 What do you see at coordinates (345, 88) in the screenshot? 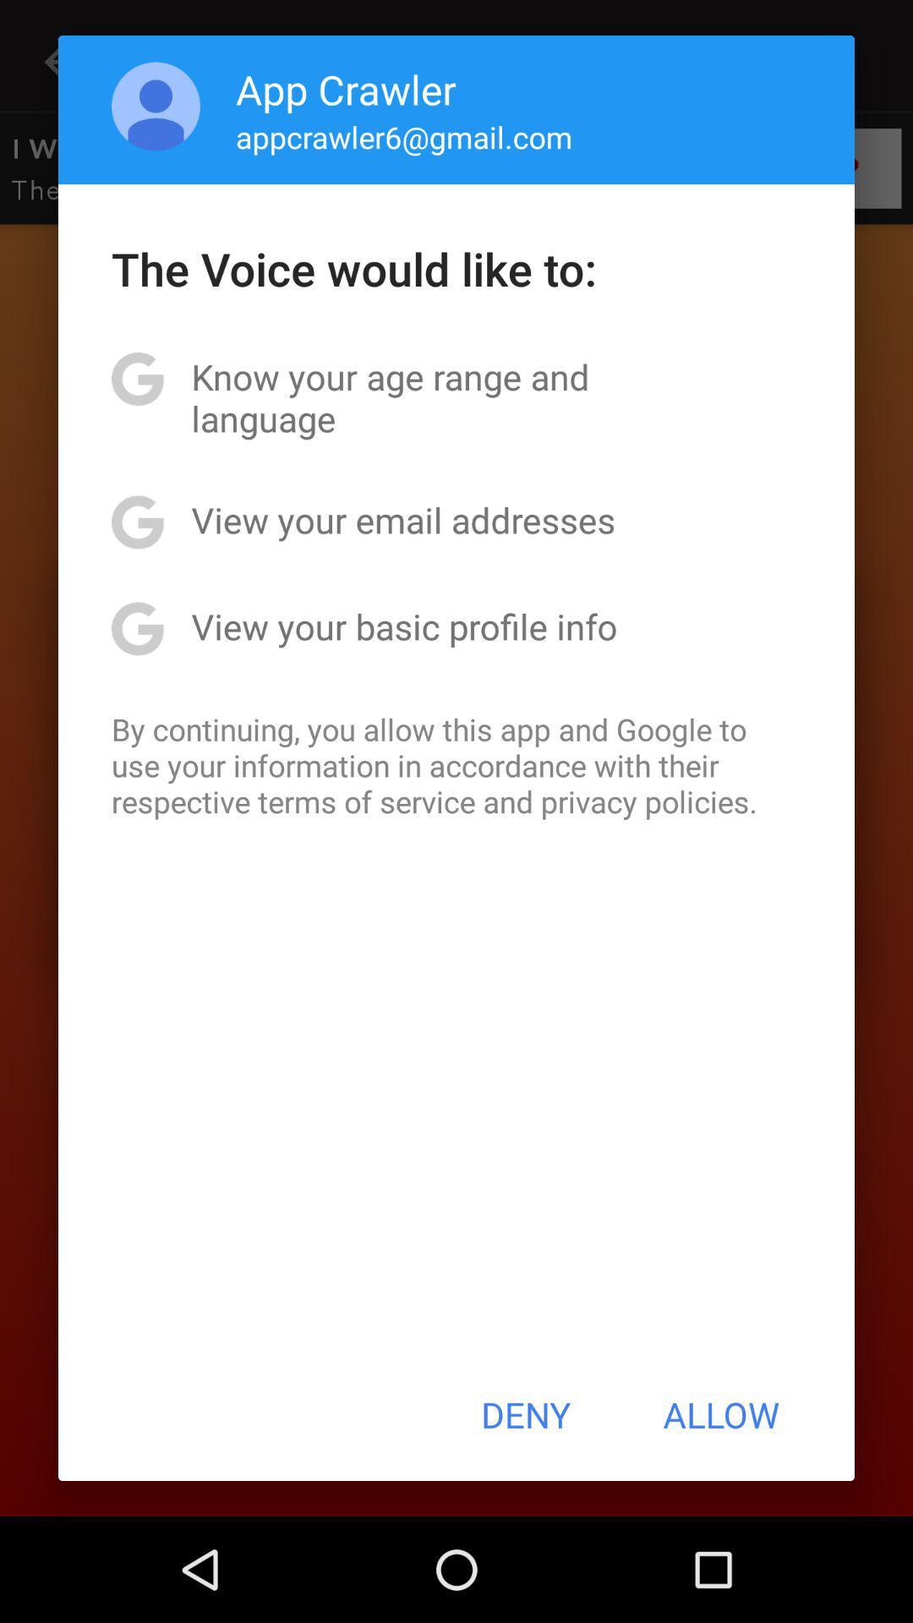
I see `the app crawler app` at bounding box center [345, 88].